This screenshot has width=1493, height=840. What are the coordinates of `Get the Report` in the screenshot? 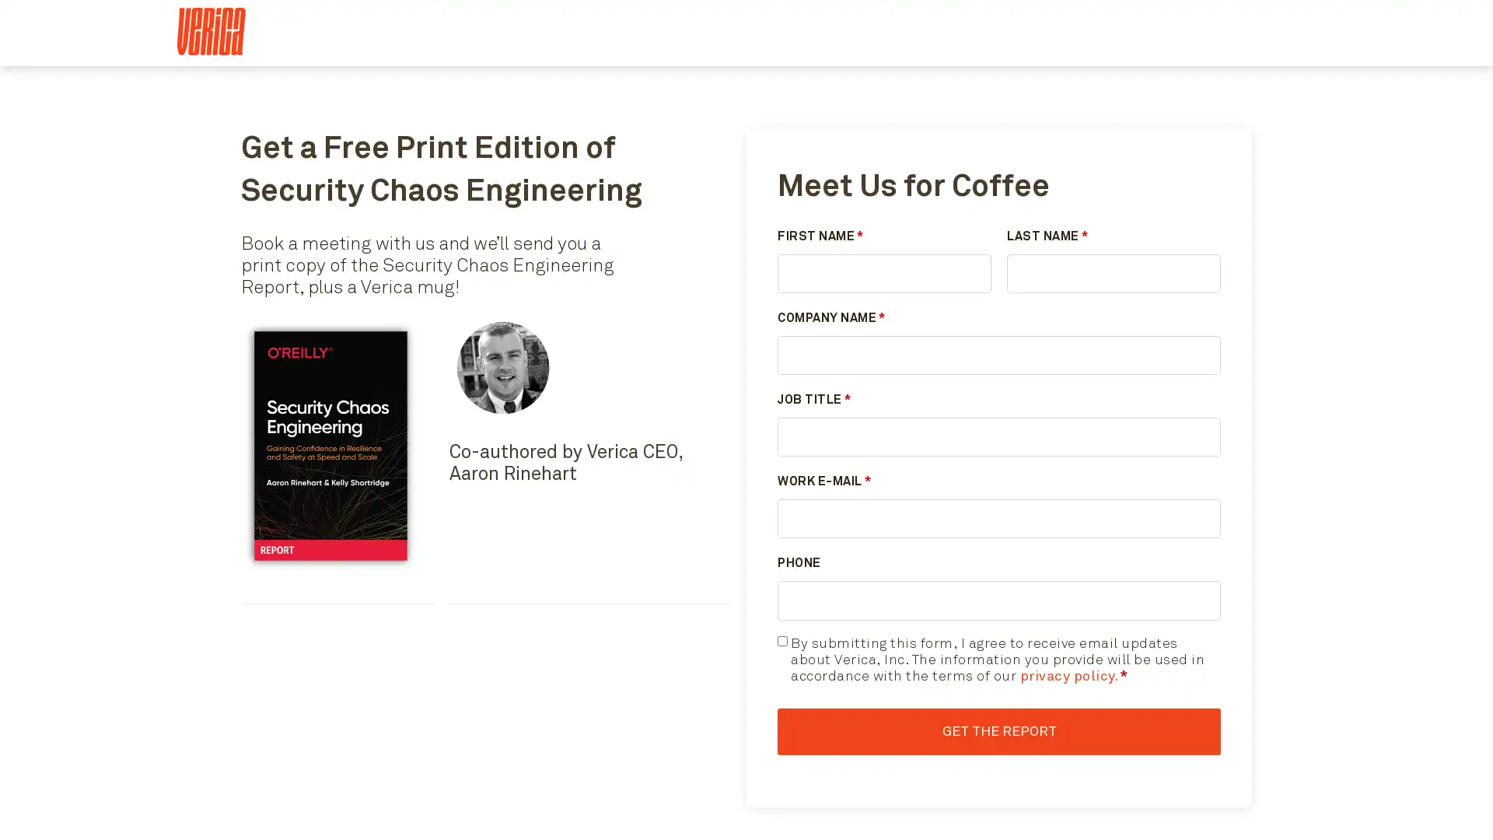 It's located at (999, 768).